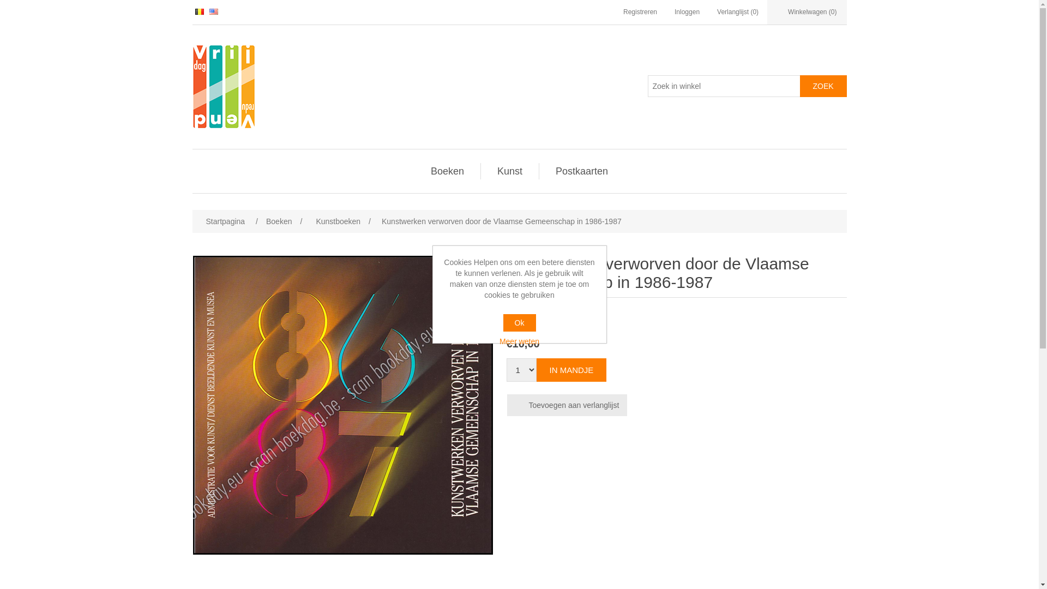 This screenshot has height=589, width=1047. Describe the element at coordinates (717, 12) in the screenshot. I see `'Verlanglijst (0)'` at that location.